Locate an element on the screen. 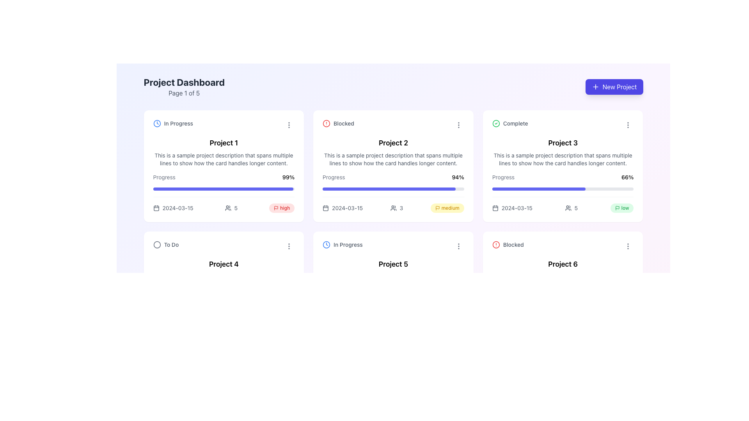 The height and width of the screenshot is (421, 749). number of members or participants associated with the project displayed in the icon and text grouping located in the 'Project 3' card under the 'Complete' label, positioned between the date '2024-03-15' and the 'low' risk label is located at coordinates (571, 207).